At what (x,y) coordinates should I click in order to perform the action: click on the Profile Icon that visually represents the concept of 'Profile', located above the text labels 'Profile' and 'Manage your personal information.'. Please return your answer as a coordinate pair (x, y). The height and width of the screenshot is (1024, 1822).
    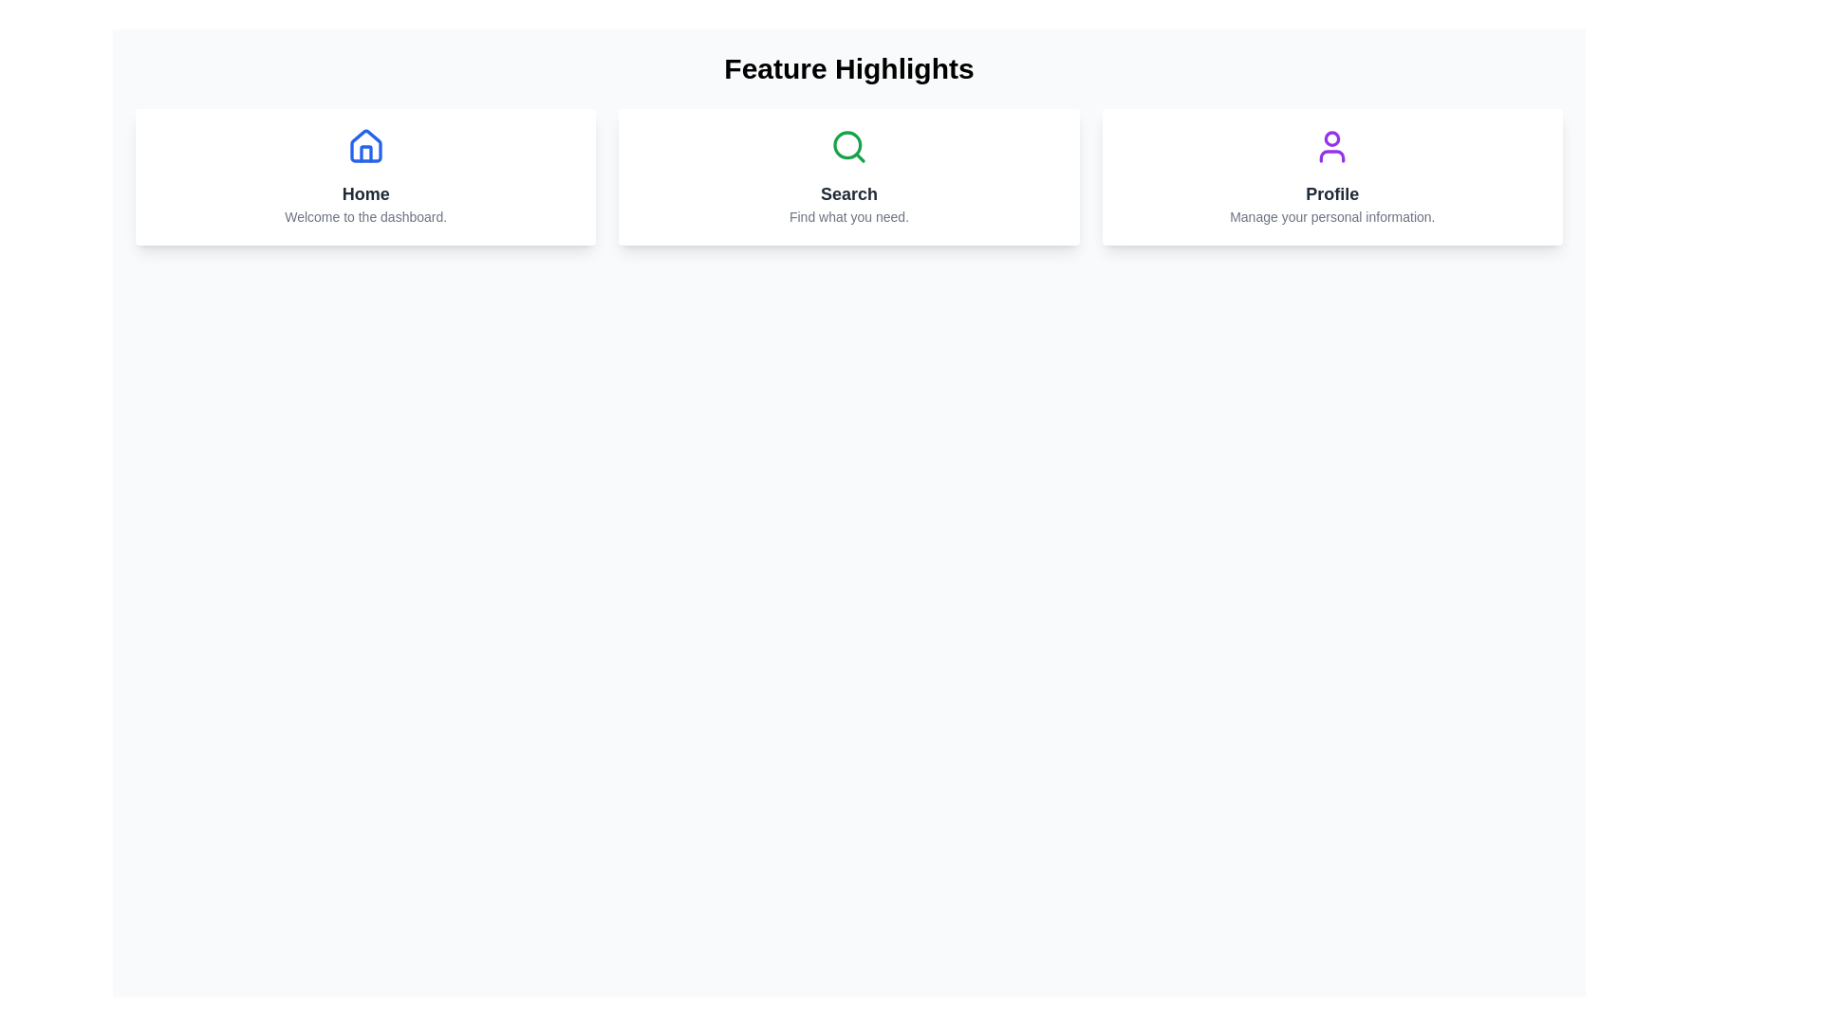
    Looking at the image, I should click on (1331, 145).